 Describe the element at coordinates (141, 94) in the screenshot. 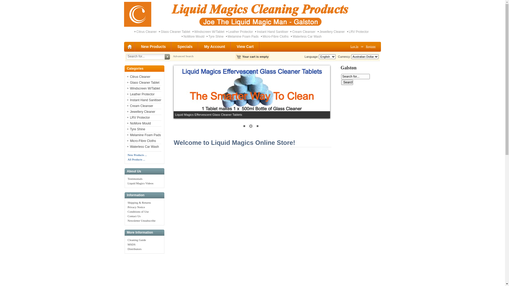

I see `'Leather Protector'` at that location.